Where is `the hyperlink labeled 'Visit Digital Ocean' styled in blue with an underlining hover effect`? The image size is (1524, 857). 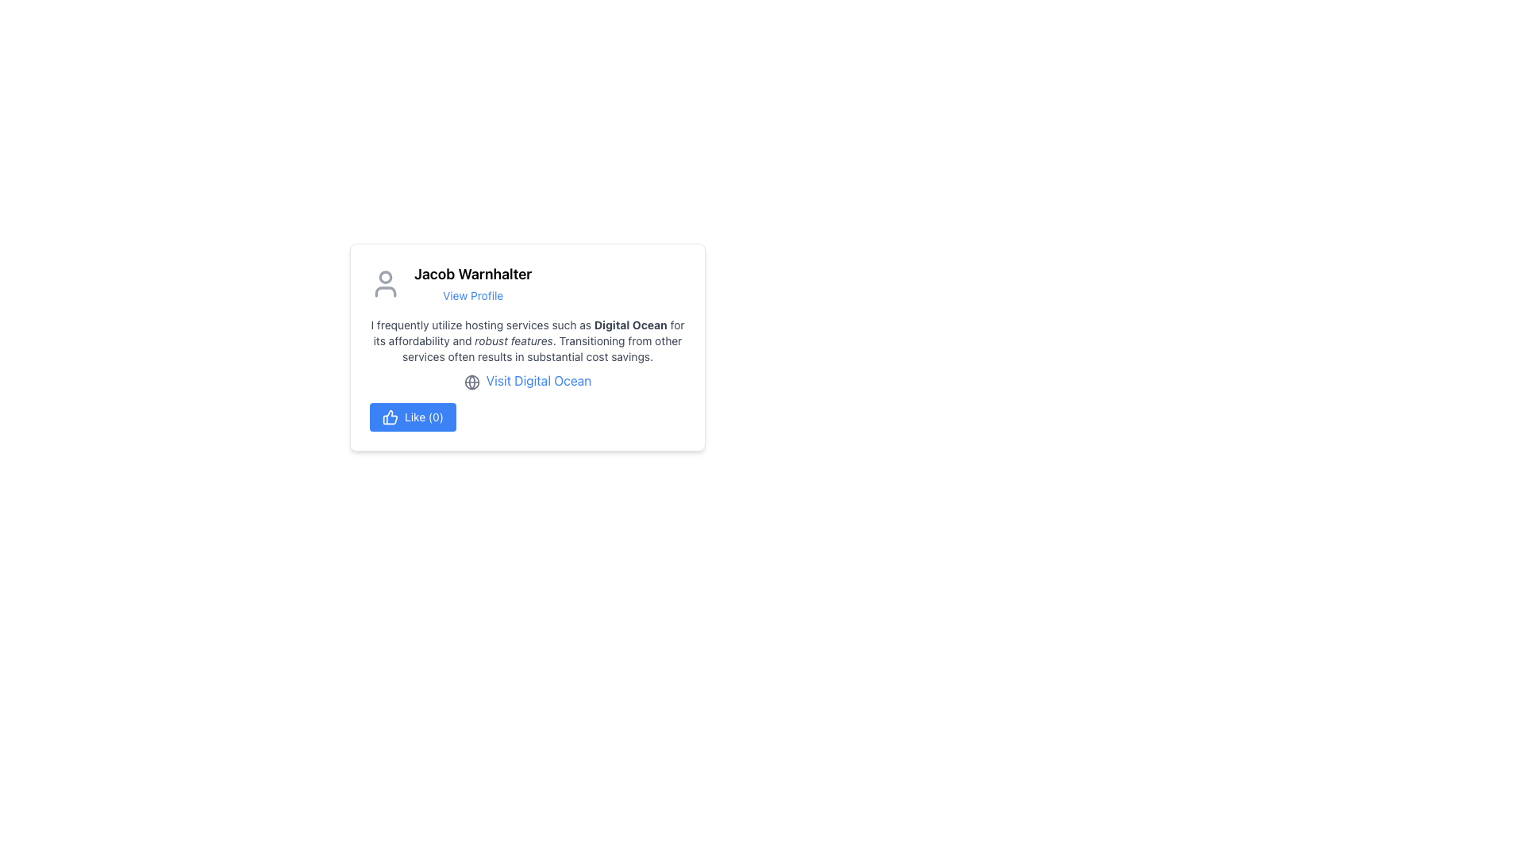 the hyperlink labeled 'Visit Digital Ocean' styled in blue with an underlining hover effect is located at coordinates (538, 380).